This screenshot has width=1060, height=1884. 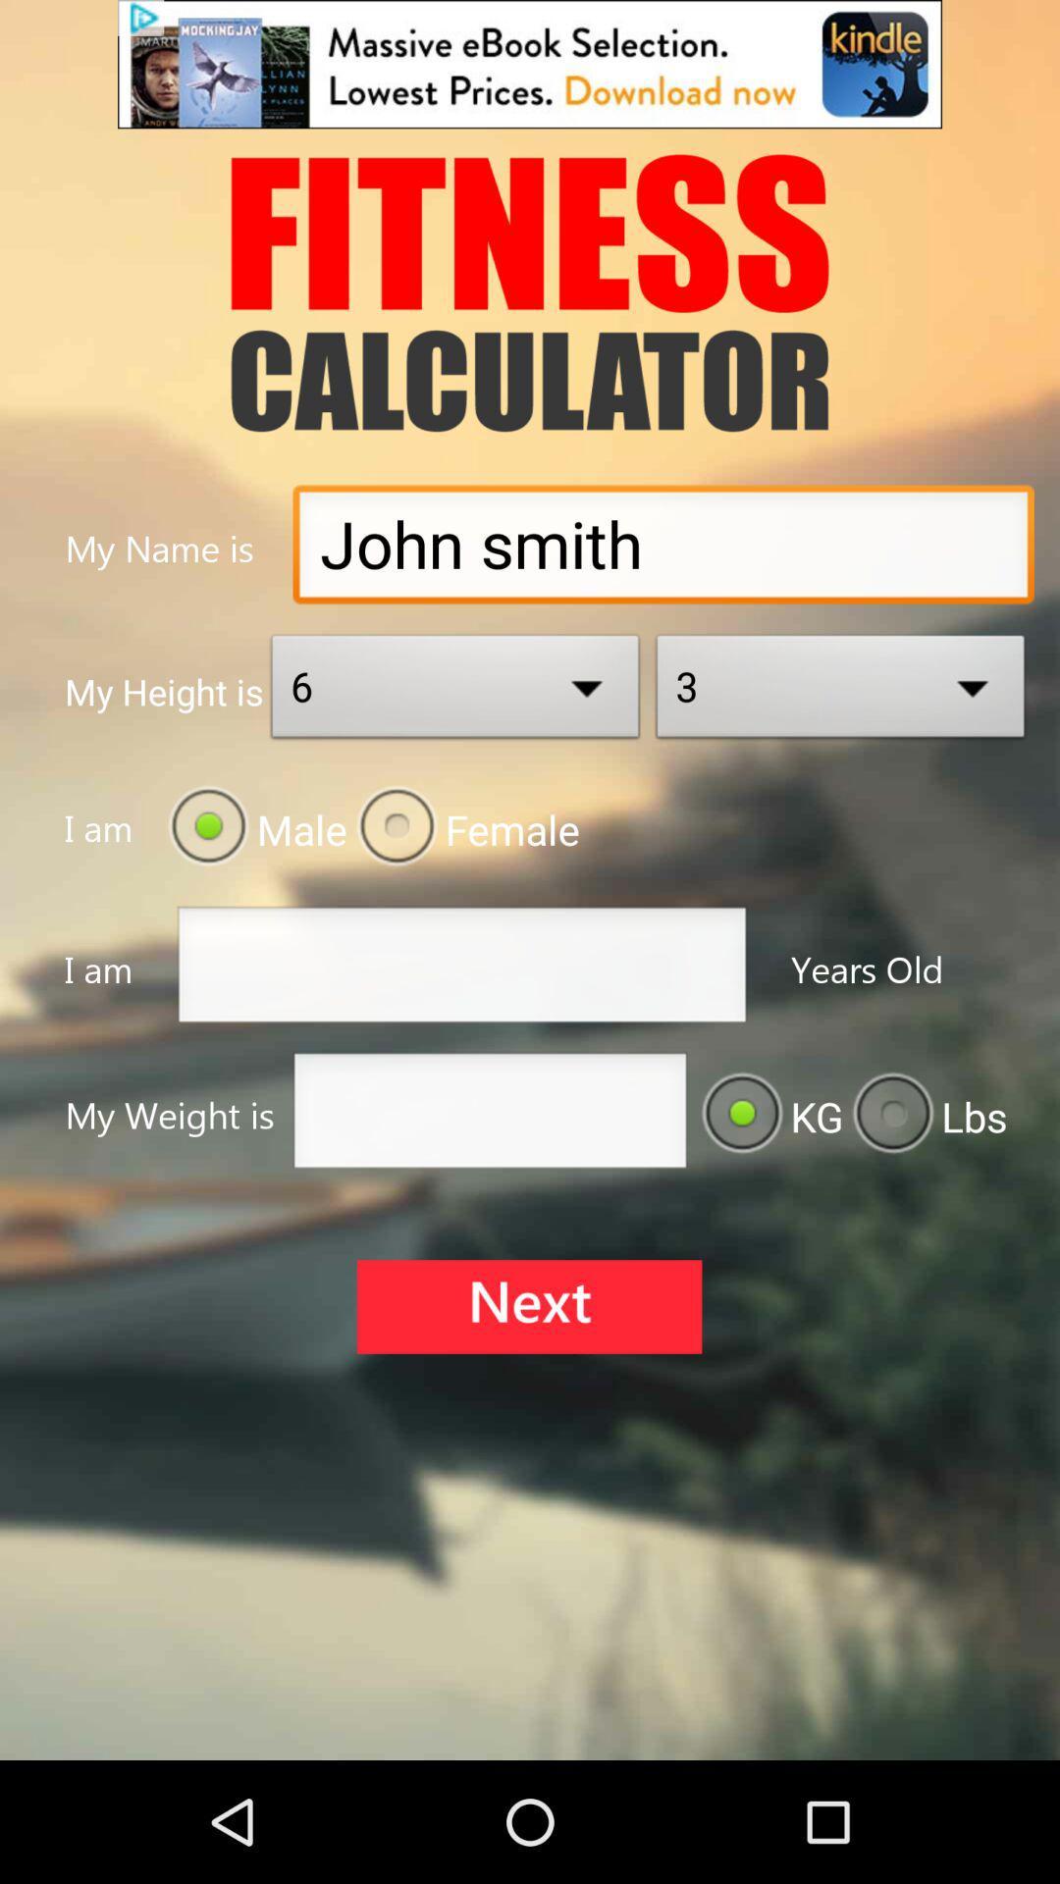 I want to click on age, so click(x=461, y=970).